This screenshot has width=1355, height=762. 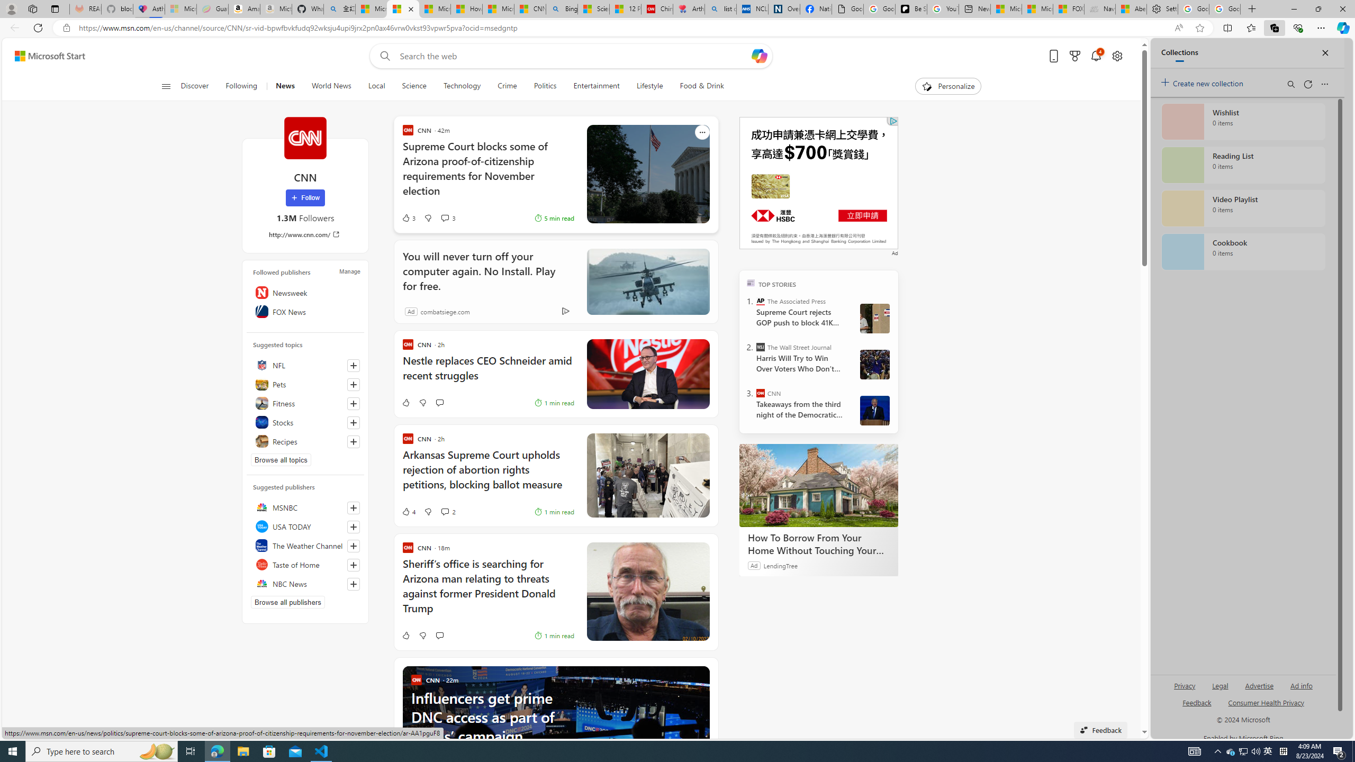 What do you see at coordinates (910, 8) in the screenshot?
I see `'Be Smart | creating Science videos | Patreon'` at bounding box center [910, 8].